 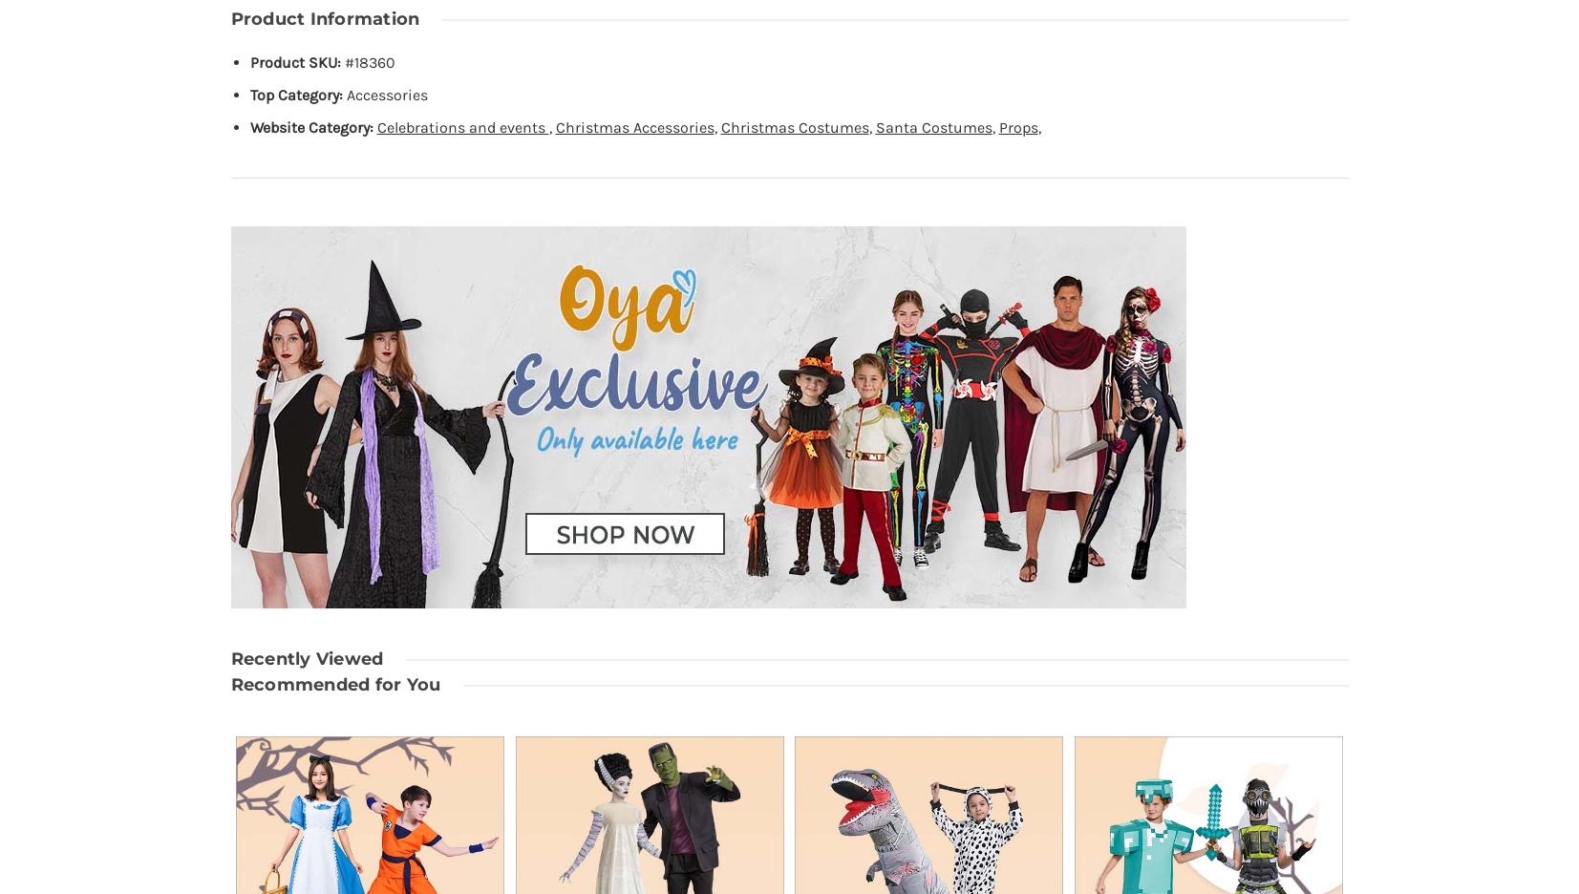 What do you see at coordinates (229, 659) in the screenshot?
I see `'Recently Viewed'` at bounding box center [229, 659].